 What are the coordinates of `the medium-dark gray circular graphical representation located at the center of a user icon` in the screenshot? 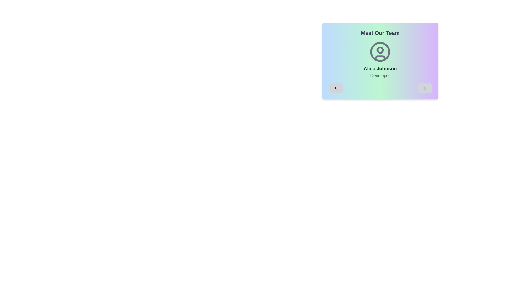 It's located at (380, 52).